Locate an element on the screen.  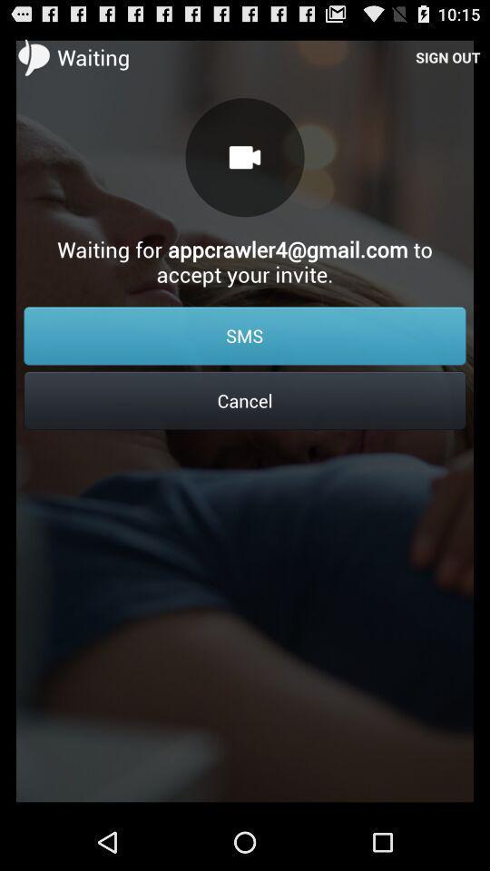
the icon below the sms item is located at coordinates (245, 400).